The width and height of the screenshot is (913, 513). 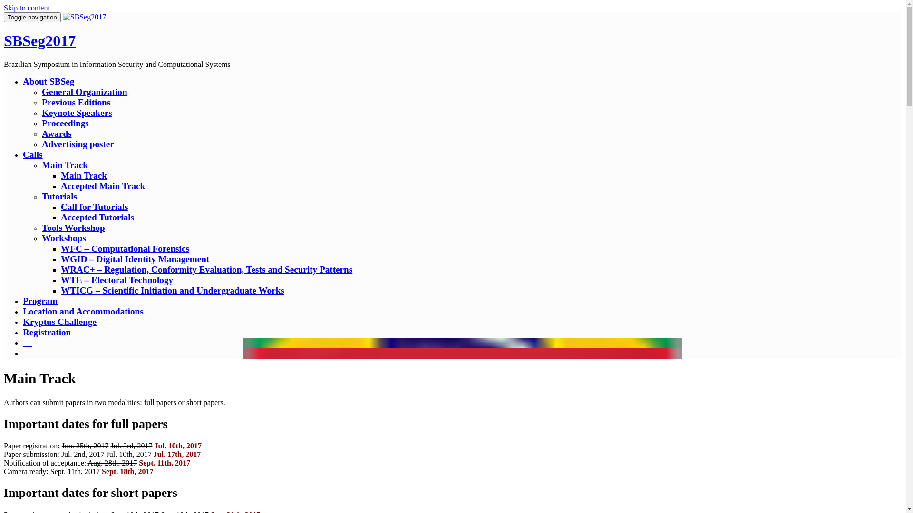 What do you see at coordinates (75, 102) in the screenshot?
I see `'Previous Editions'` at bounding box center [75, 102].